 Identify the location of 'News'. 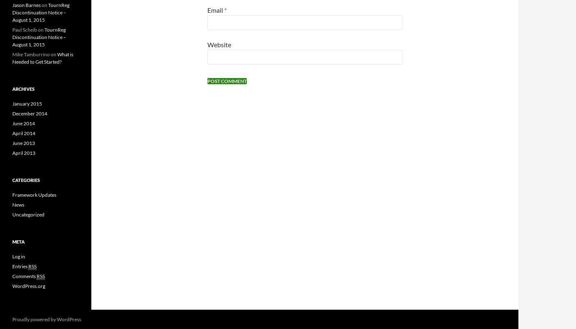
(18, 204).